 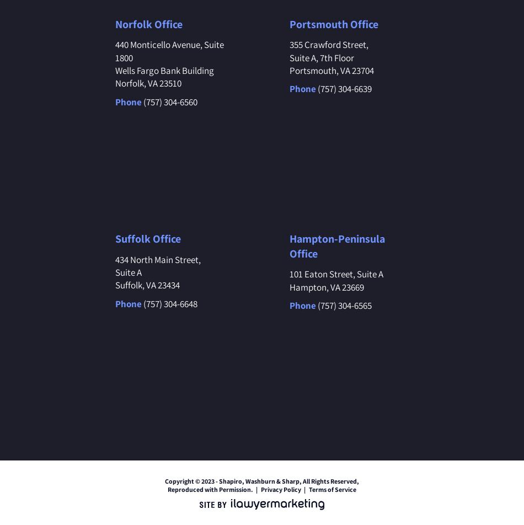 I want to click on 'Portsmouth, VA 23704', so click(x=331, y=69).